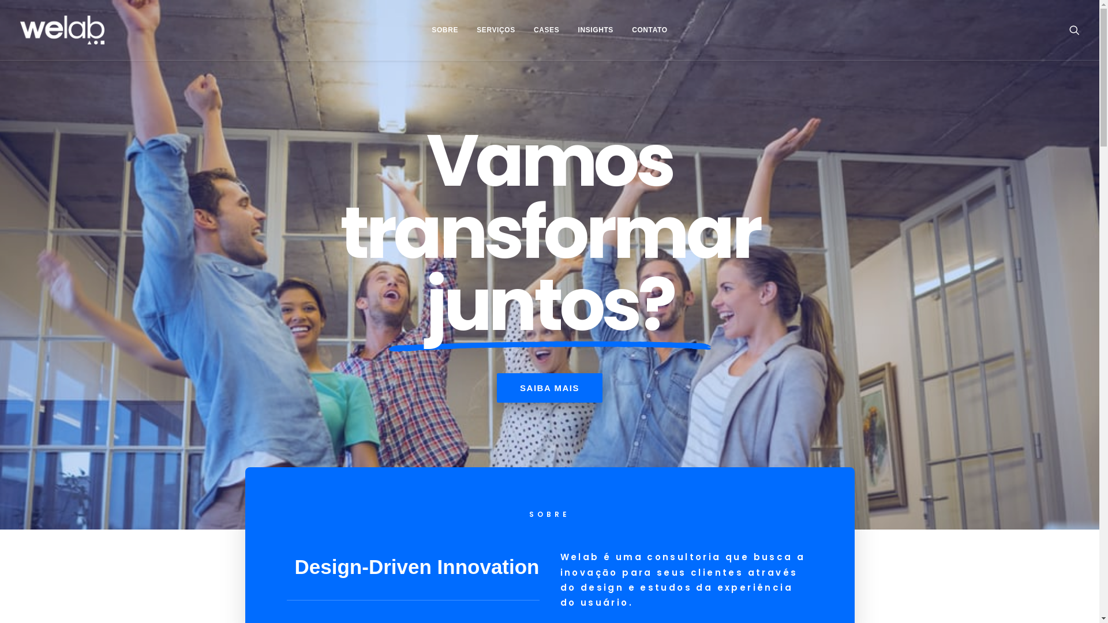 The width and height of the screenshot is (1108, 623). I want to click on 'SOBRE', so click(444, 29).